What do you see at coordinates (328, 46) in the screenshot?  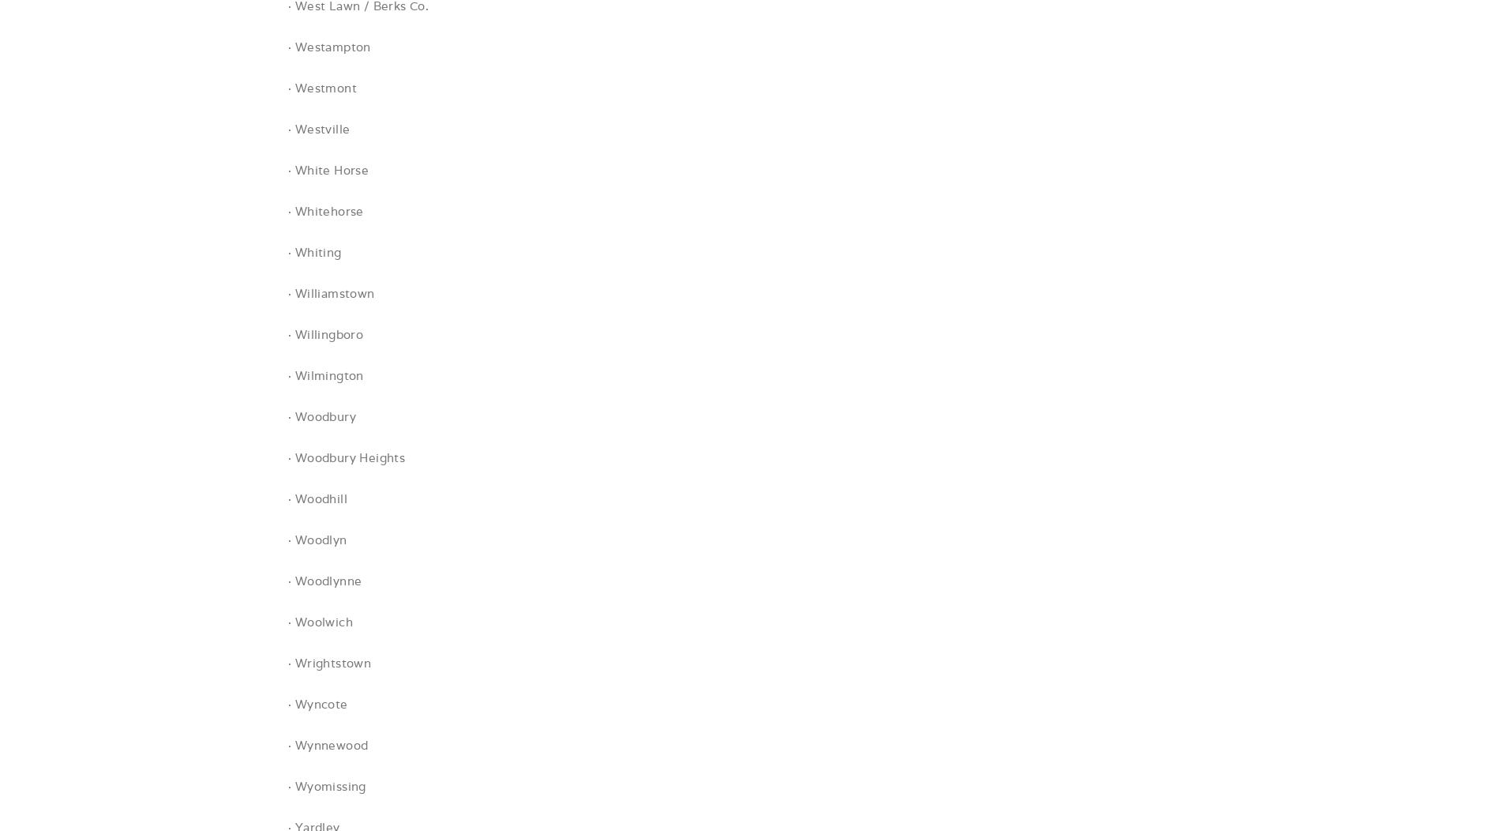 I see `'· Westampton'` at bounding box center [328, 46].